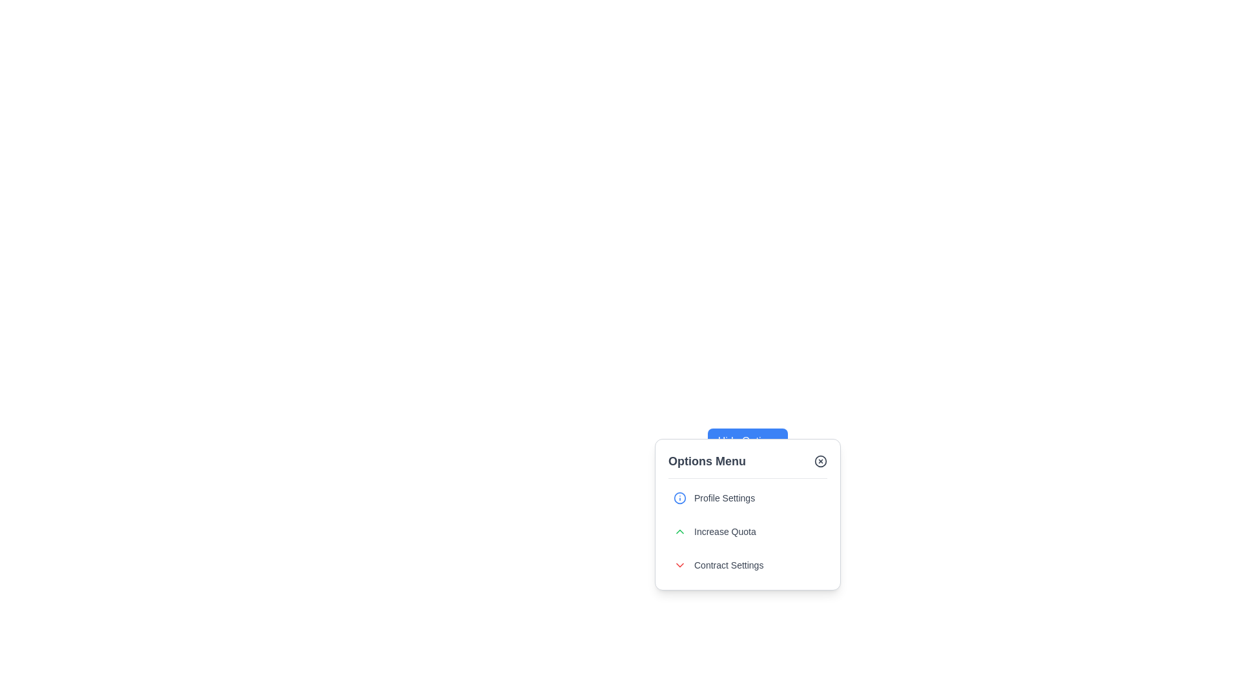 The height and width of the screenshot is (697, 1240). What do you see at coordinates (725, 497) in the screenshot?
I see `the 'Profile Settings' label, which is displayed in gray and is part of the dropdown menu under 'Options Menu'` at bounding box center [725, 497].